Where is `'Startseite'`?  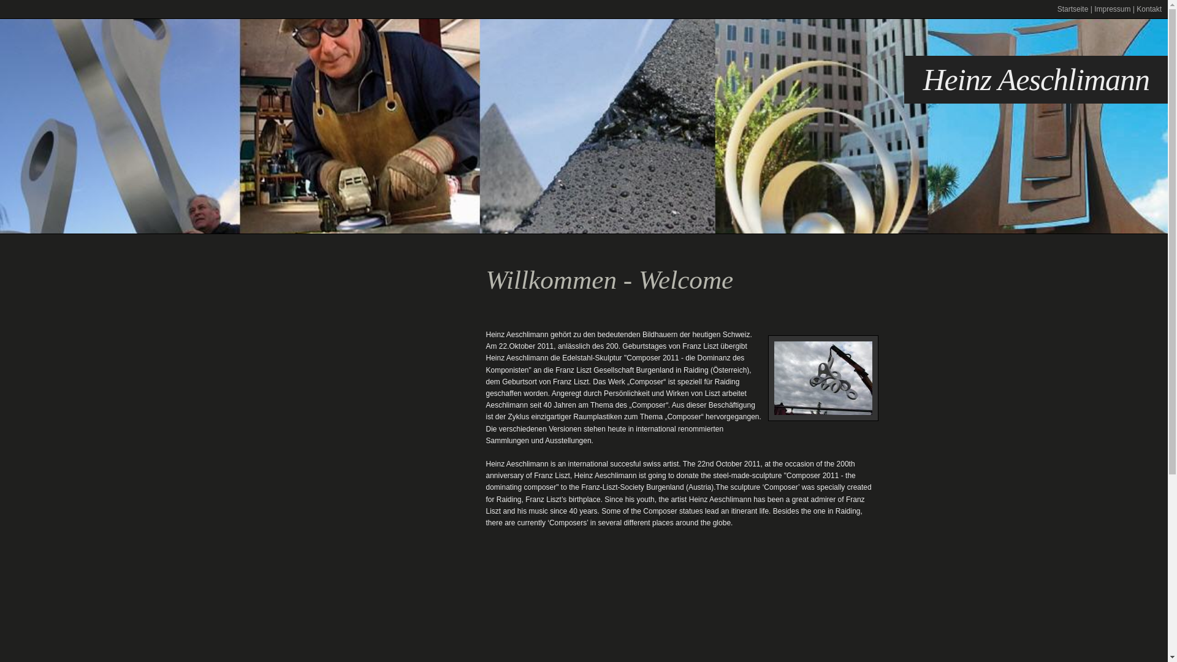 'Startseite' is located at coordinates (1072, 9).